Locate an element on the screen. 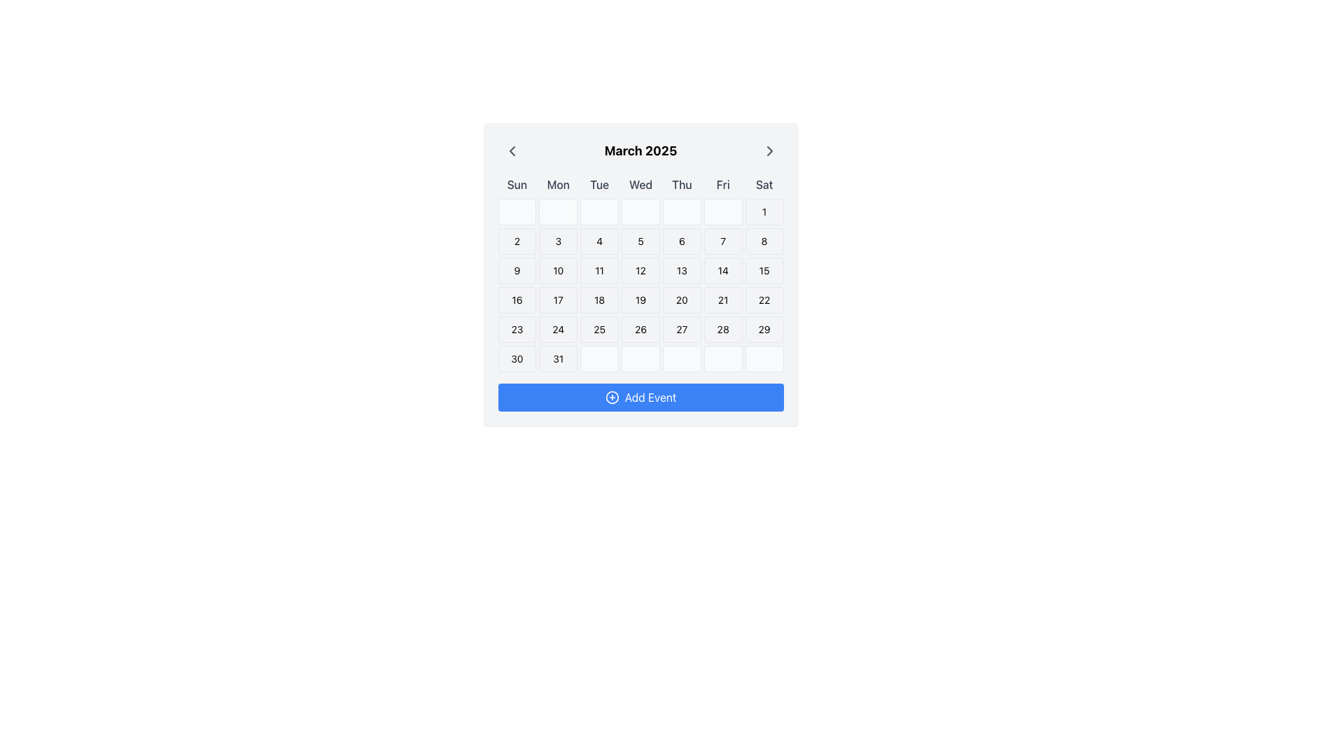 The width and height of the screenshot is (1344, 756). the 'Add Event' icon, which is a circular icon located at the left side of the button, to trigger potential hover feedback is located at coordinates (612, 397).